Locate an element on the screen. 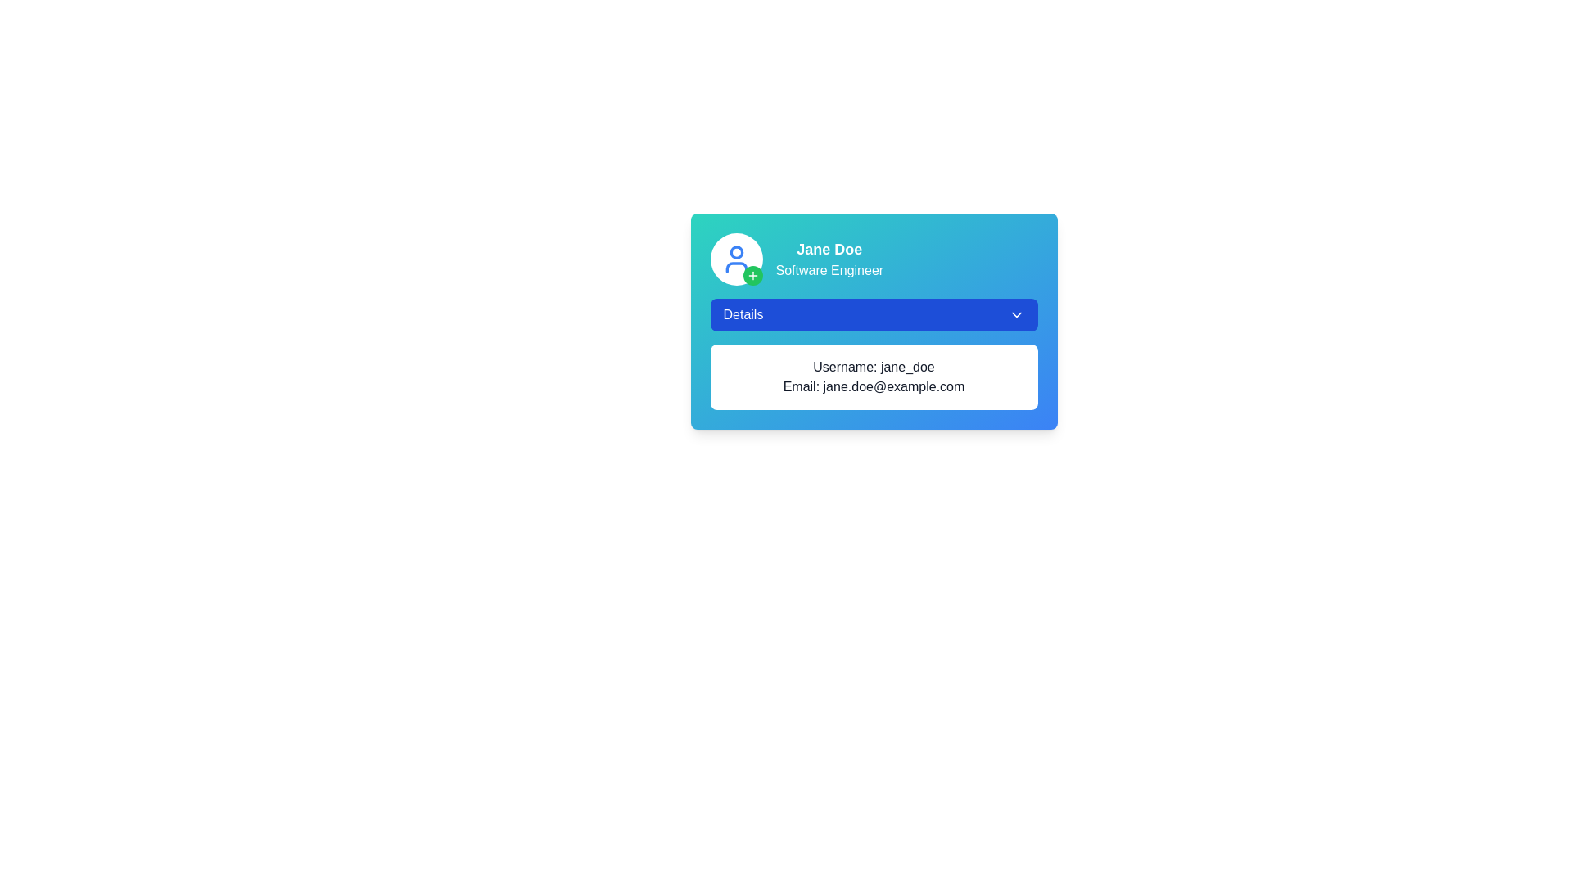 This screenshot has height=884, width=1572. the circular green button with a white '+' symbol at the bottom-right of the profile icon is located at coordinates (752, 274).